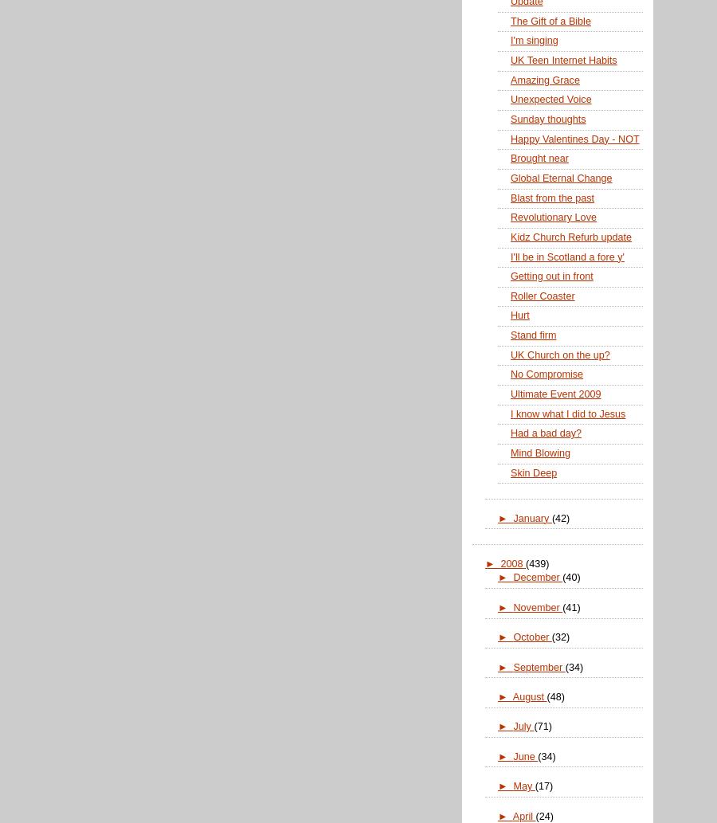  What do you see at coordinates (550, 21) in the screenshot?
I see `'The Gift of a Bible'` at bounding box center [550, 21].